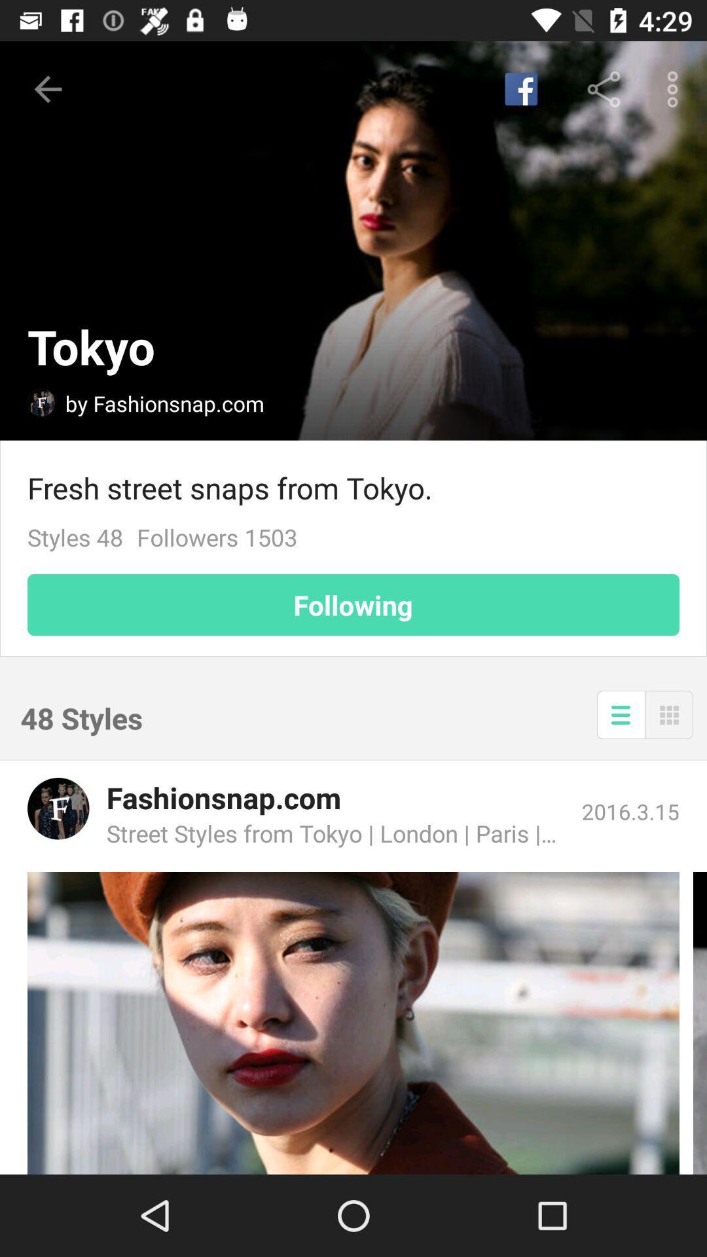 Image resolution: width=707 pixels, height=1257 pixels. Describe the element at coordinates (620, 714) in the screenshot. I see `display list mode` at that location.